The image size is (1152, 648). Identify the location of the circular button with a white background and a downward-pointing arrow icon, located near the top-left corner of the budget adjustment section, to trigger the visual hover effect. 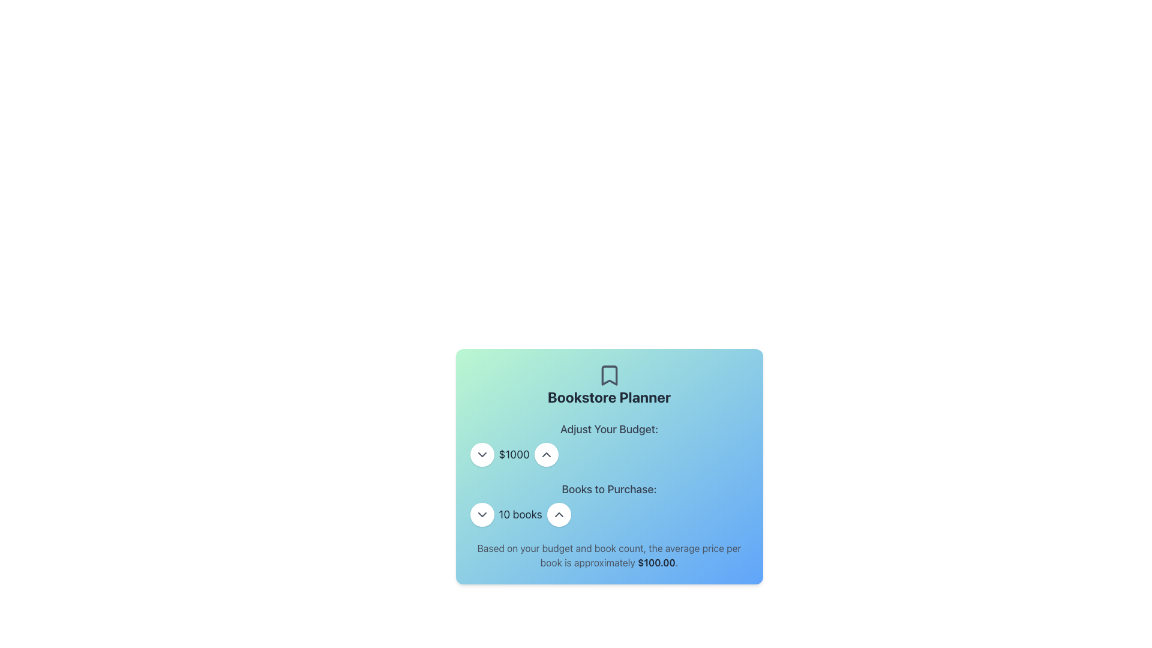
(482, 455).